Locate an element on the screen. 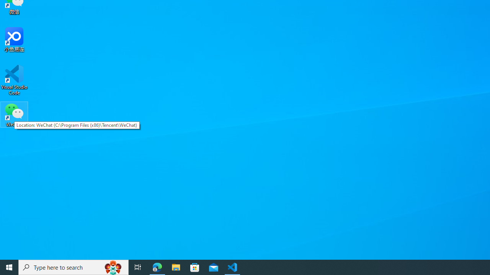 This screenshot has height=275, width=490. 'Search highlights icon opens search home window' is located at coordinates (113, 267).